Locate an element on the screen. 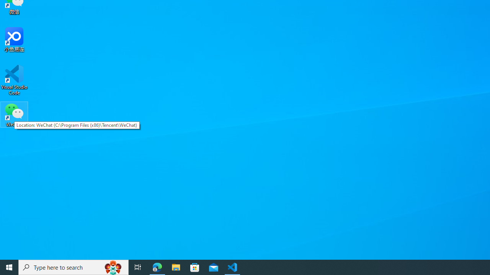 This screenshot has height=275, width=490. 'Search highlights icon opens search home window' is located at coordinates (113, 267).